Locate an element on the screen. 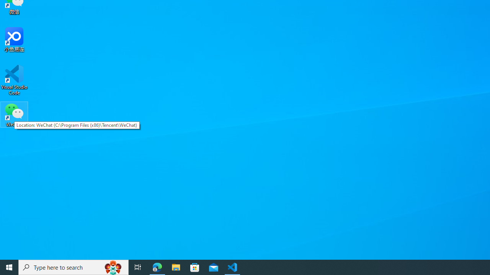 This screenshot has height=275, width=490. 'Search highlights icon opens search home window' is located at coordinates (113, 267).